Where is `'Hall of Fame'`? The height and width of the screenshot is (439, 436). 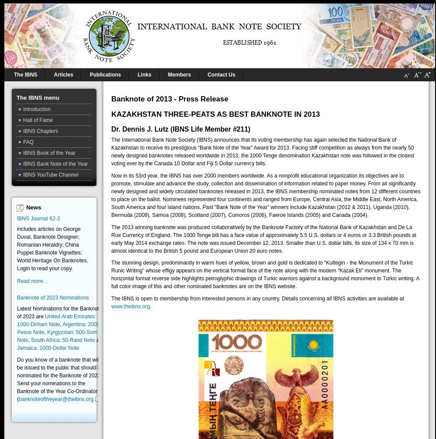
'Hall of Fame' is located at coordinates (38, 119).